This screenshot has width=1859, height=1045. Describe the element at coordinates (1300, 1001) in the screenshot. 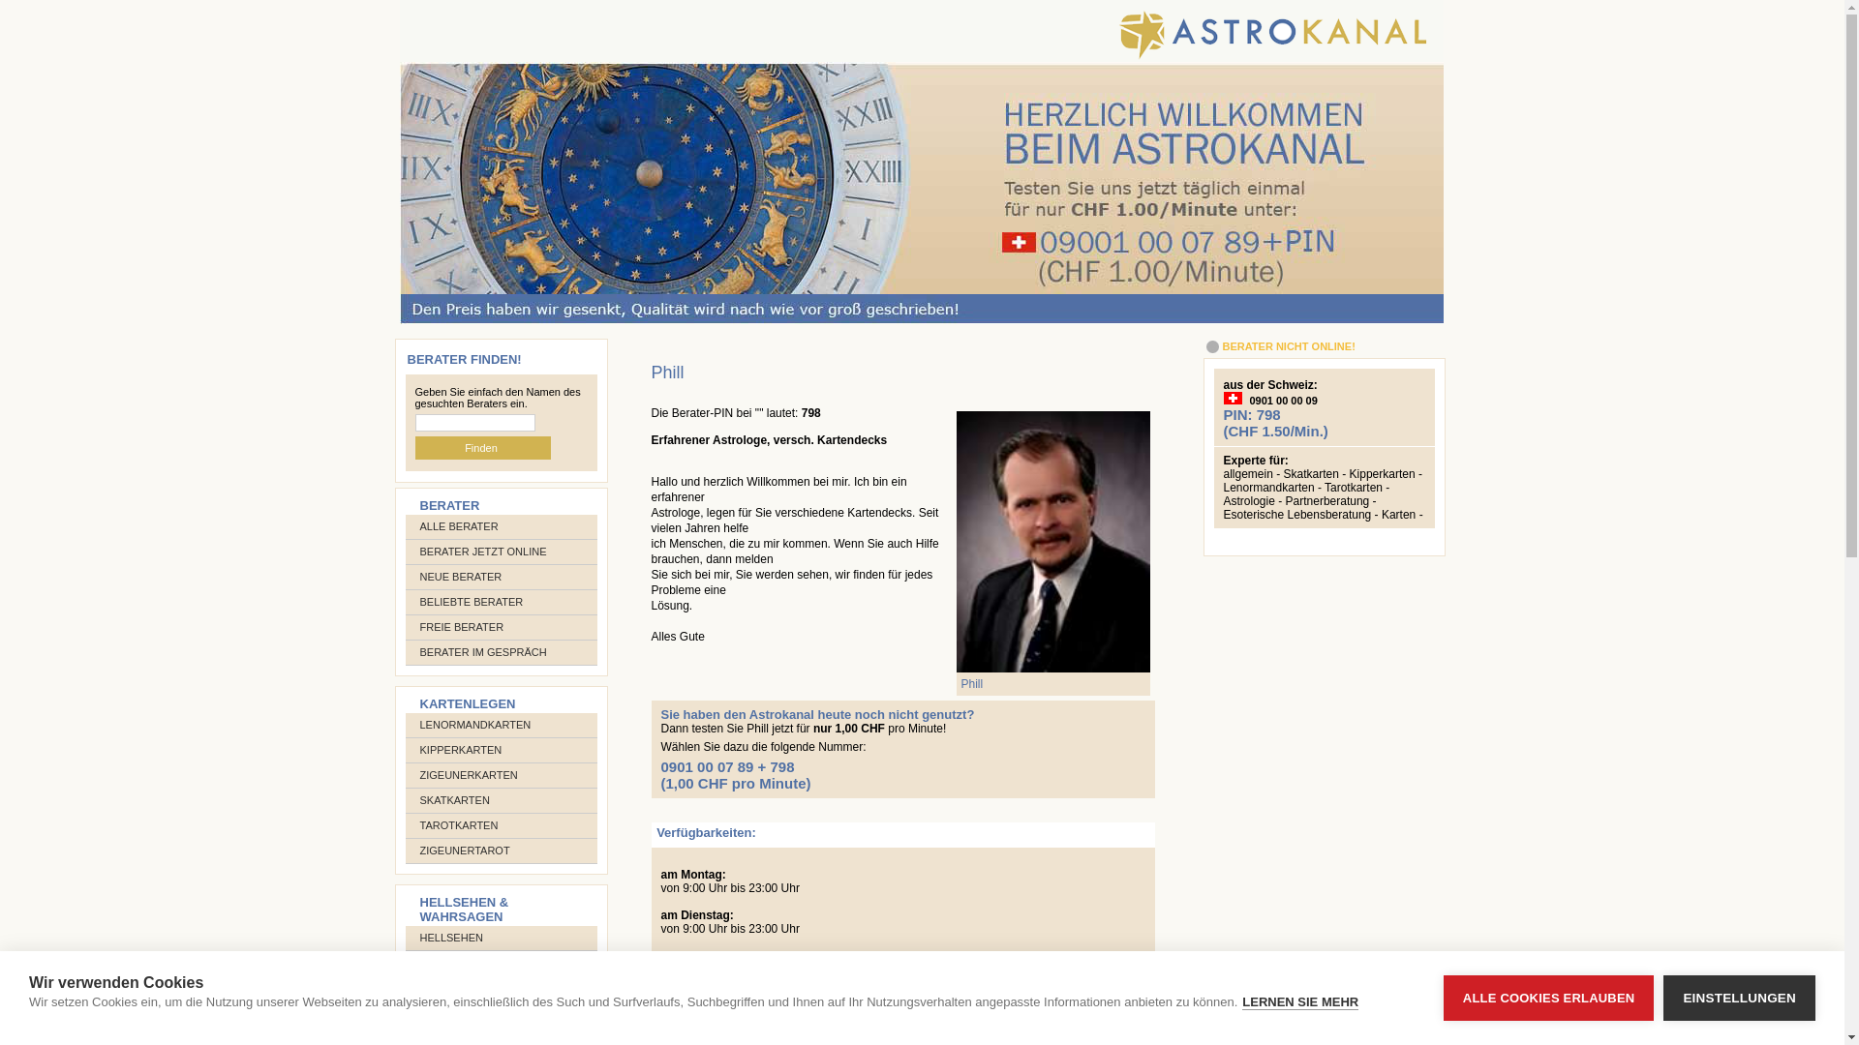

I see `'LERNEN SIE MEHR'` at that location.